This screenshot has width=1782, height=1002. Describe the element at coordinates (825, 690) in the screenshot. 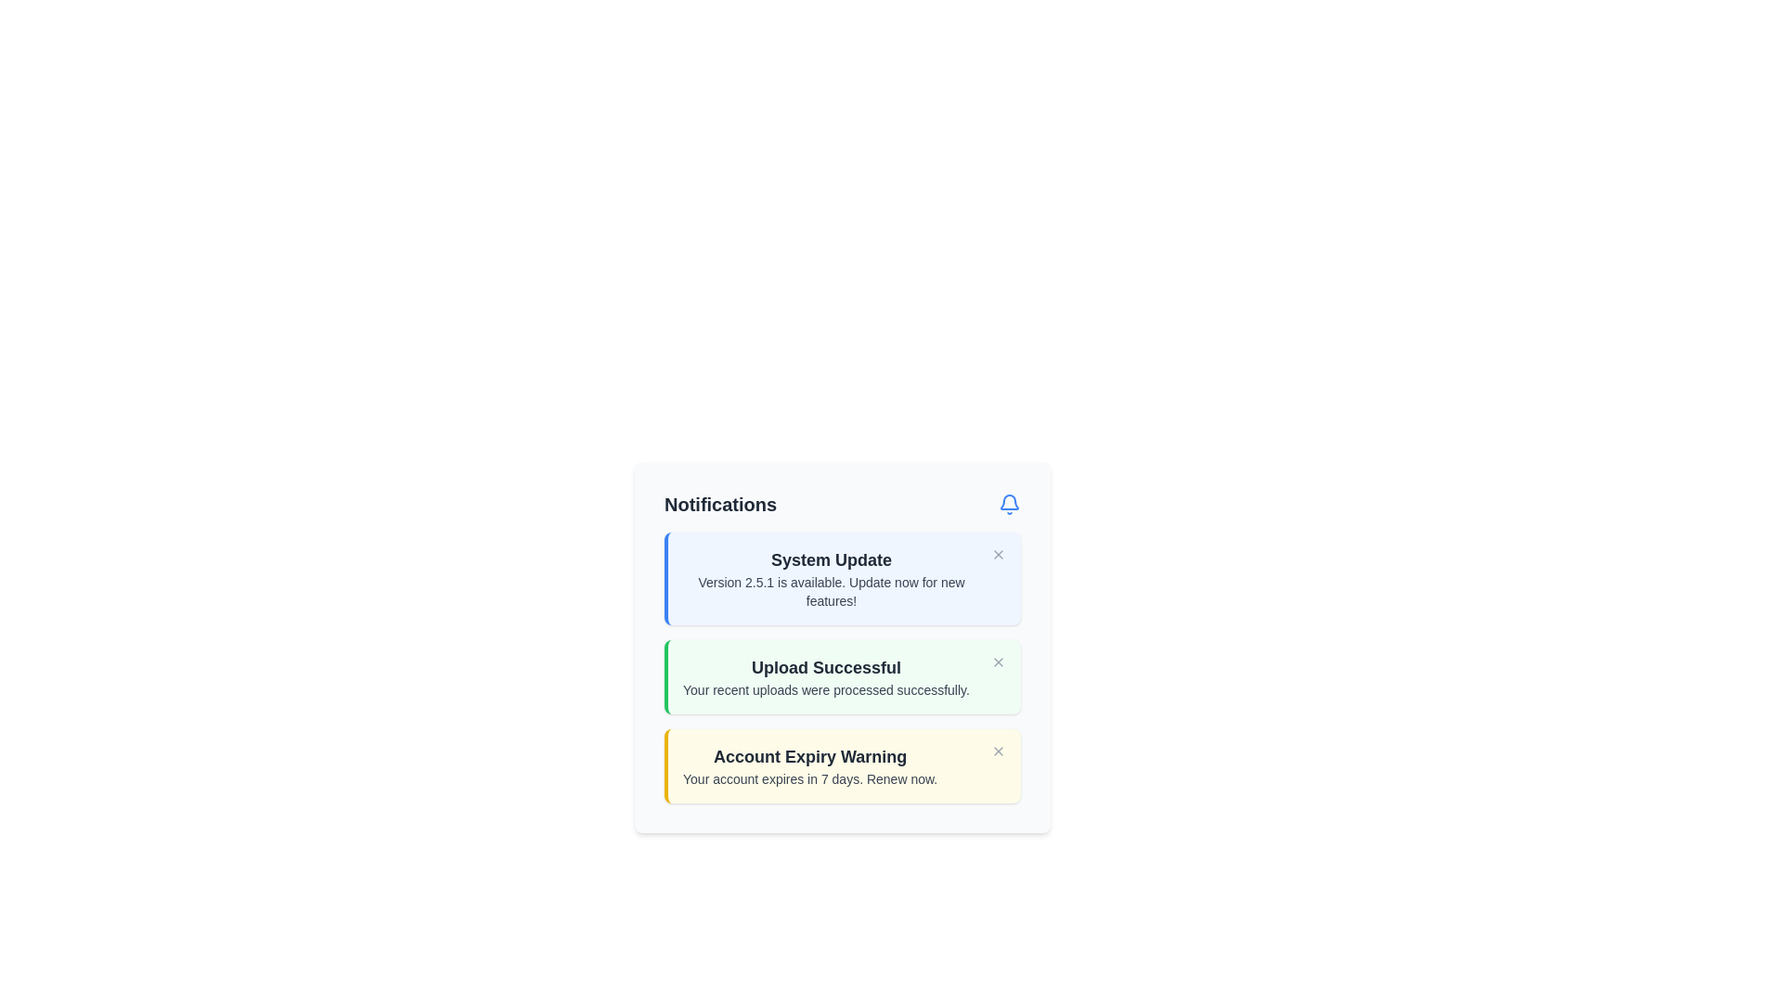

I see `the text label that displays 'Your recent uploads were processed successfully.' located within the notification box titled 'Upload Successful.'` at that location.